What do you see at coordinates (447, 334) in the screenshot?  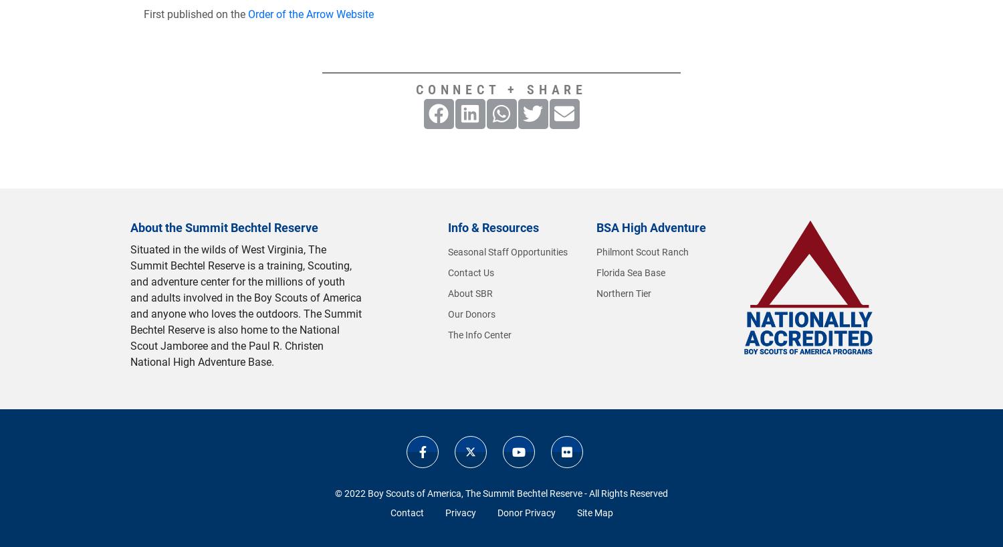 I see `'The Info Center'` at bounding box center [447, 334].